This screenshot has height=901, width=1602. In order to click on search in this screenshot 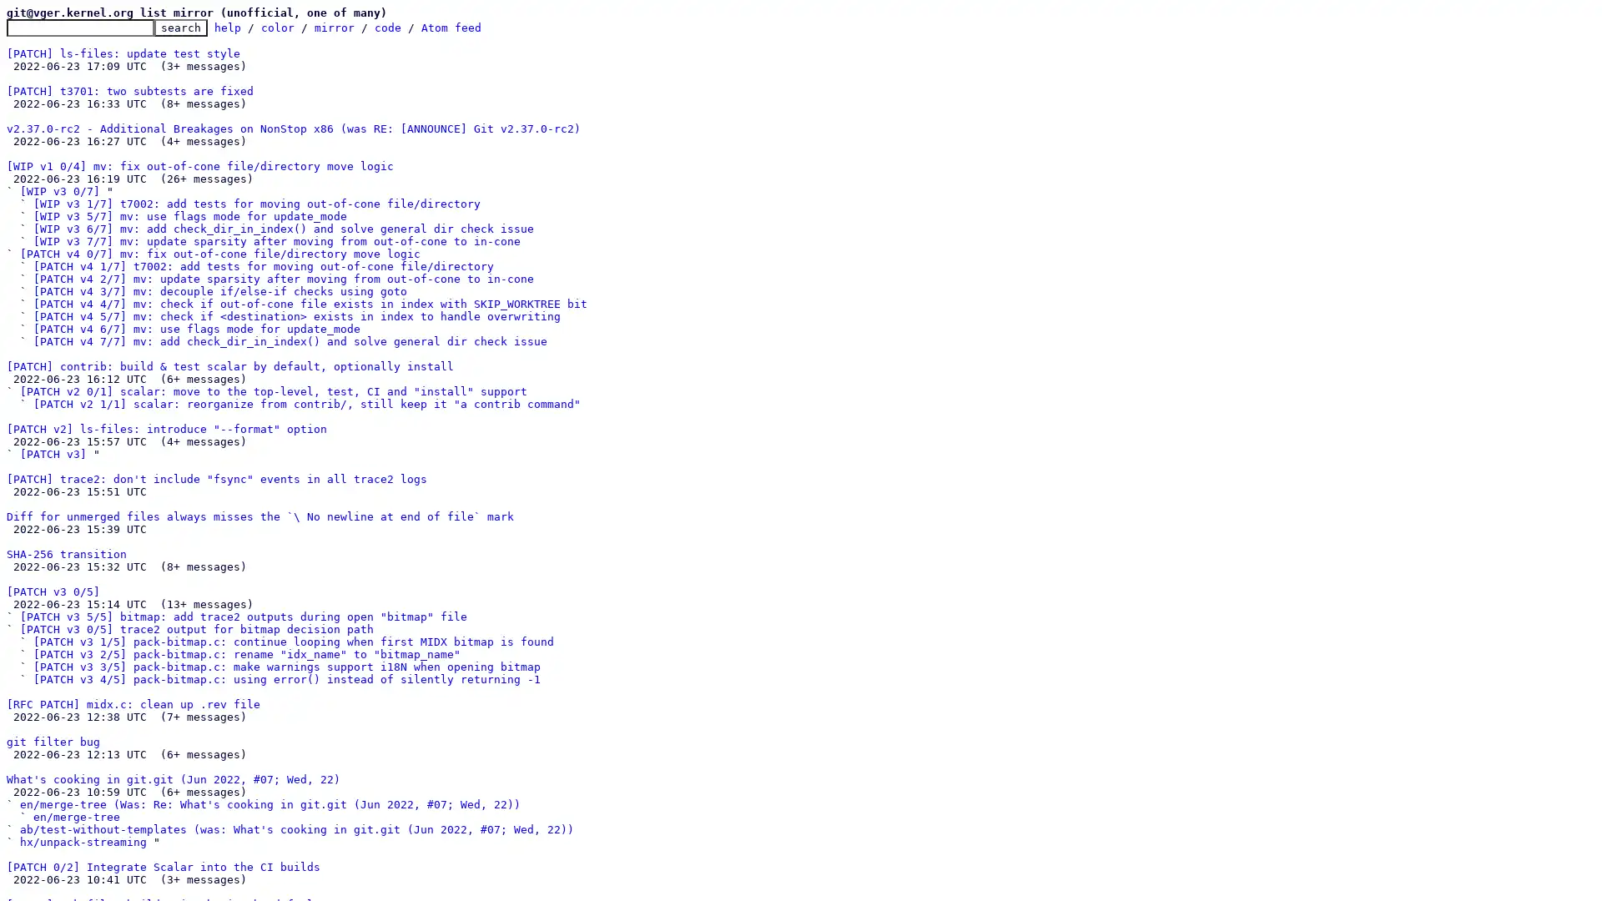, I will do `click(180, 28)`.